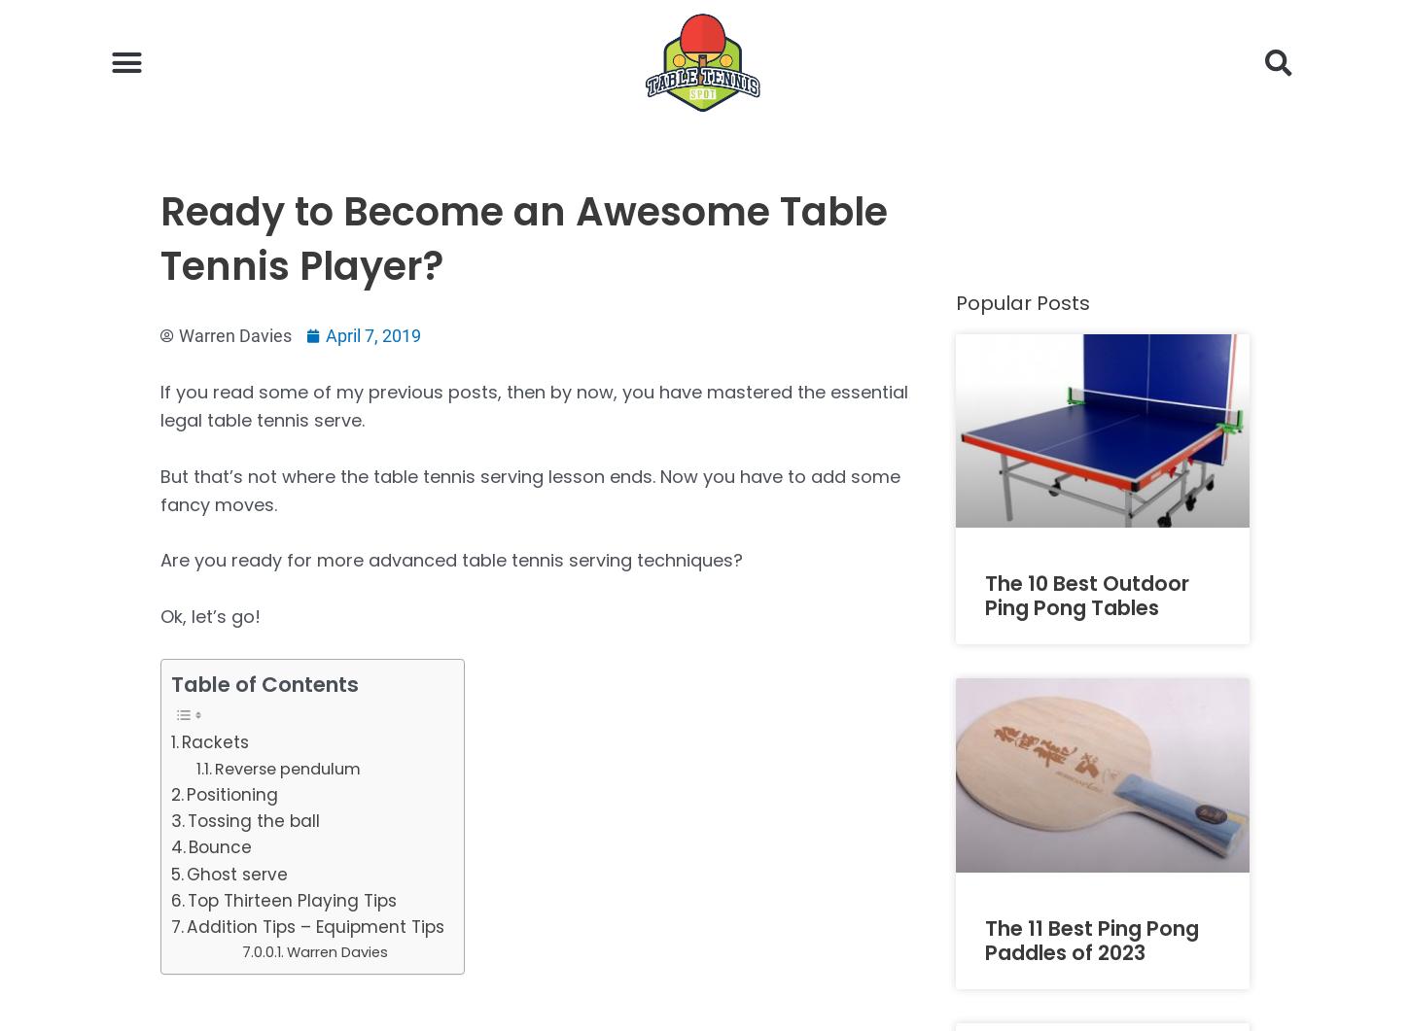  Describe the element at coordinates (159, 559) in the screenshot. I see `'Are you ready for more advanced table tennis serving techniques?'` at that location.